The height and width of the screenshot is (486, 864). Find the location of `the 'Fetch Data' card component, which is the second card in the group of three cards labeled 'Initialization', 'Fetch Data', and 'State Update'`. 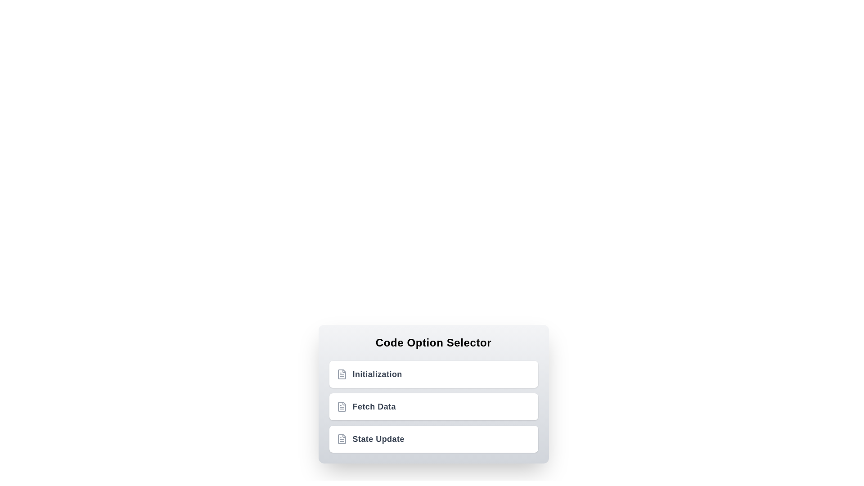

the 'Fetch Data' card component, which is the second card in the group of three cards labeled 'Initialization', 'Fetch Data', and 'State Update' is located at coordinates (433, 406).